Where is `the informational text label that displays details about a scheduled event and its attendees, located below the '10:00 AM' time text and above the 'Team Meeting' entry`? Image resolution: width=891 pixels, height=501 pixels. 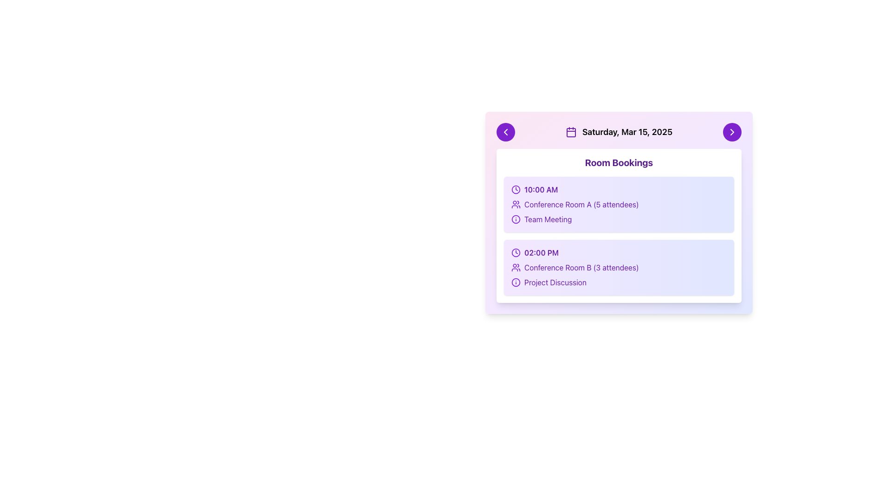 the informational text label that displays details about a scheduled event and its attendees, located below the '10:00 AM' time text and above the 'Team Meeting' entry is located at coordinates (619, 204).